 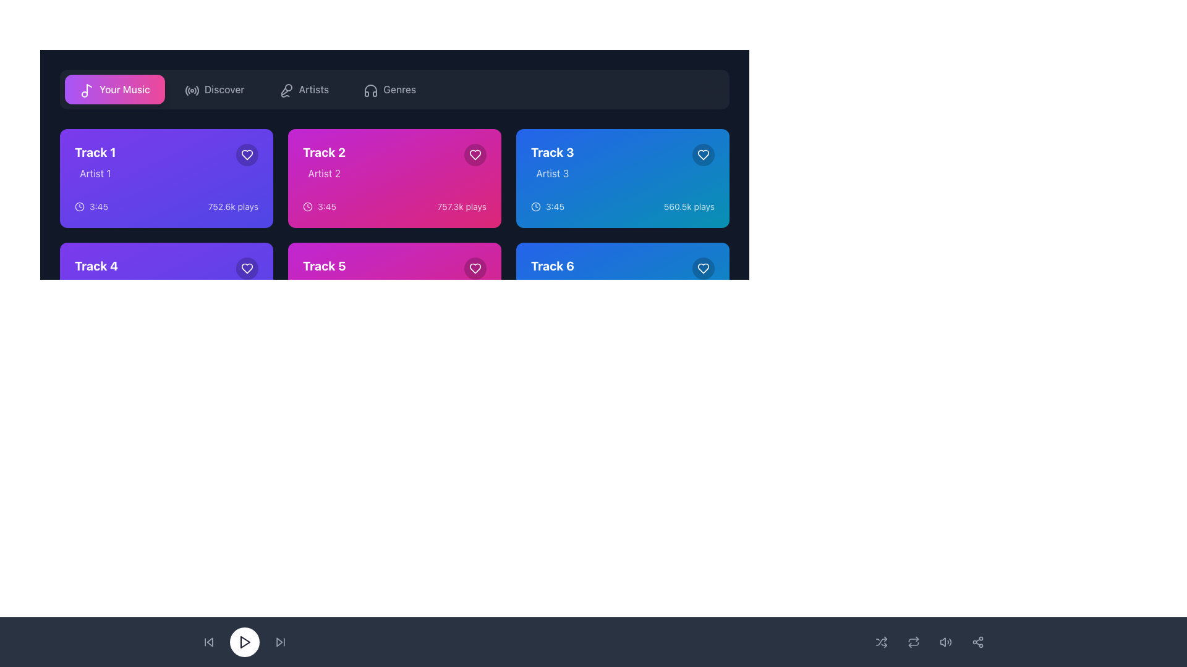 What do you see at coordinates (96, 266) in the screenshot?
I see `the bold, white text label 'Track 4' positioned at the top-left corner of its card, which is in the second row and first column of the grid layout` at bounding box center [96, 266].